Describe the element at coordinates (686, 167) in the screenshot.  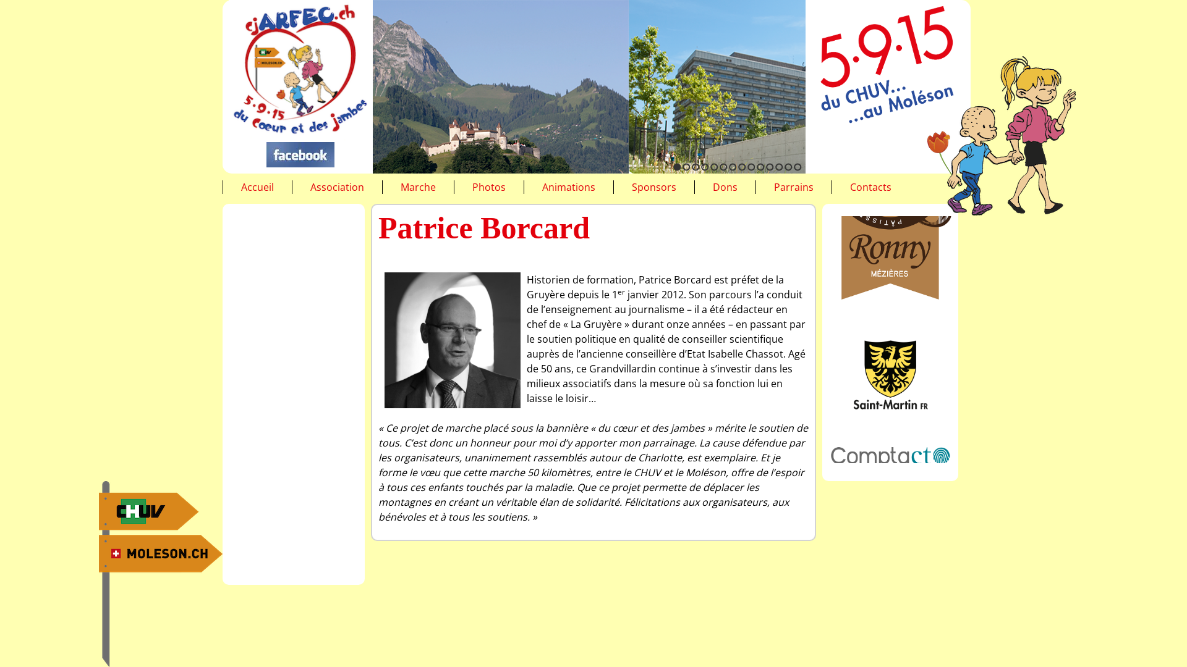
I see `'2'` at that location.